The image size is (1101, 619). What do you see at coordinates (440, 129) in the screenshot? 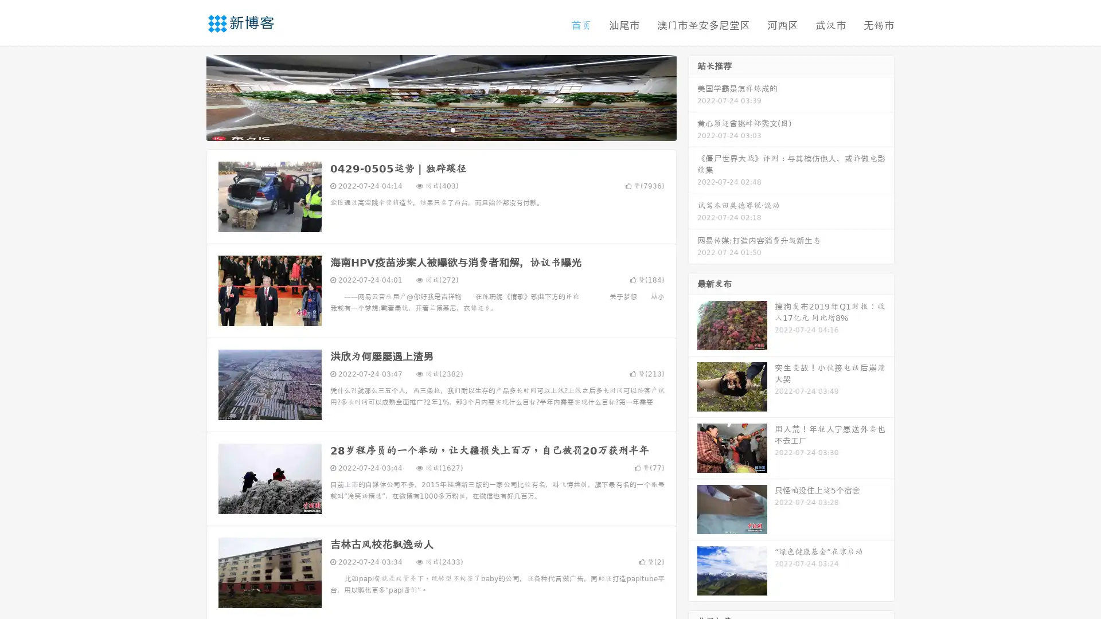
I see `Go to slide 2` at bounding box center [440, 129].